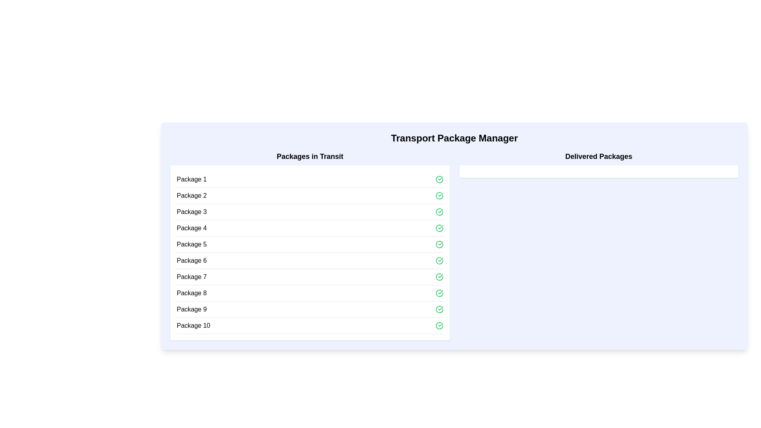 This screenshot has width=761, height=428. Describe the element at coordinates (191, 244) in the screenshot. I see `the text label identifying the fifth package in the list of packages in transit, positioned between 'Package 4' and 'Package 6'` at that location.